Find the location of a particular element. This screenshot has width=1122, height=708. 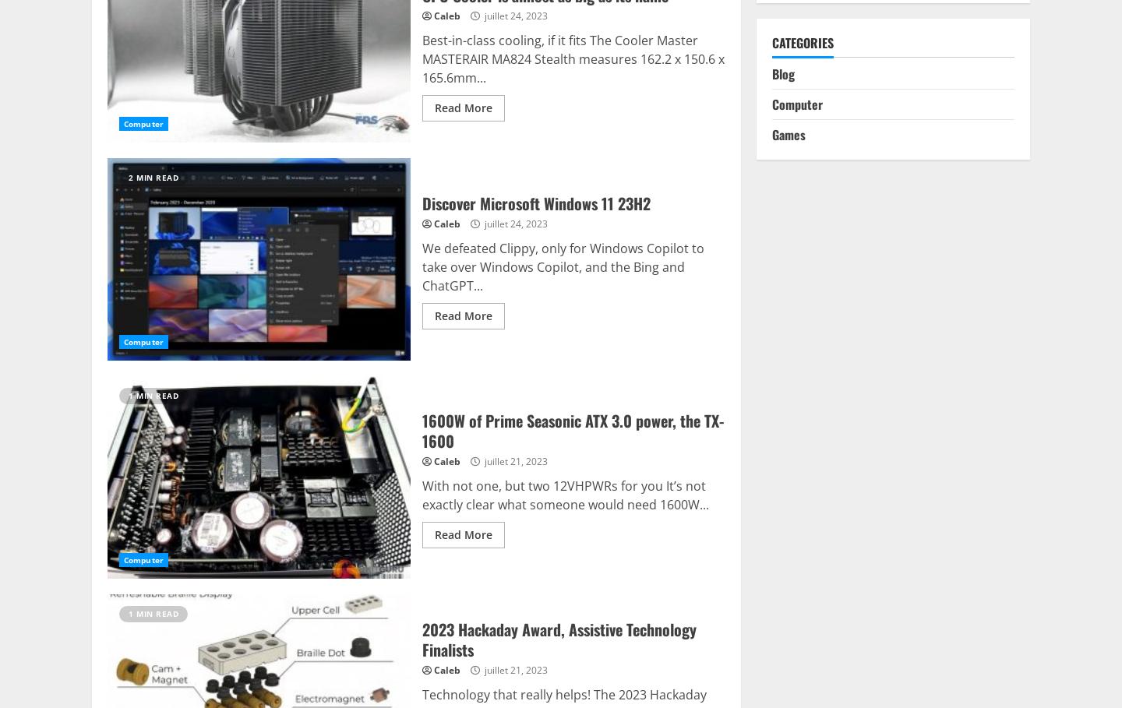

'Blog' is located at coordinates (771, 72).